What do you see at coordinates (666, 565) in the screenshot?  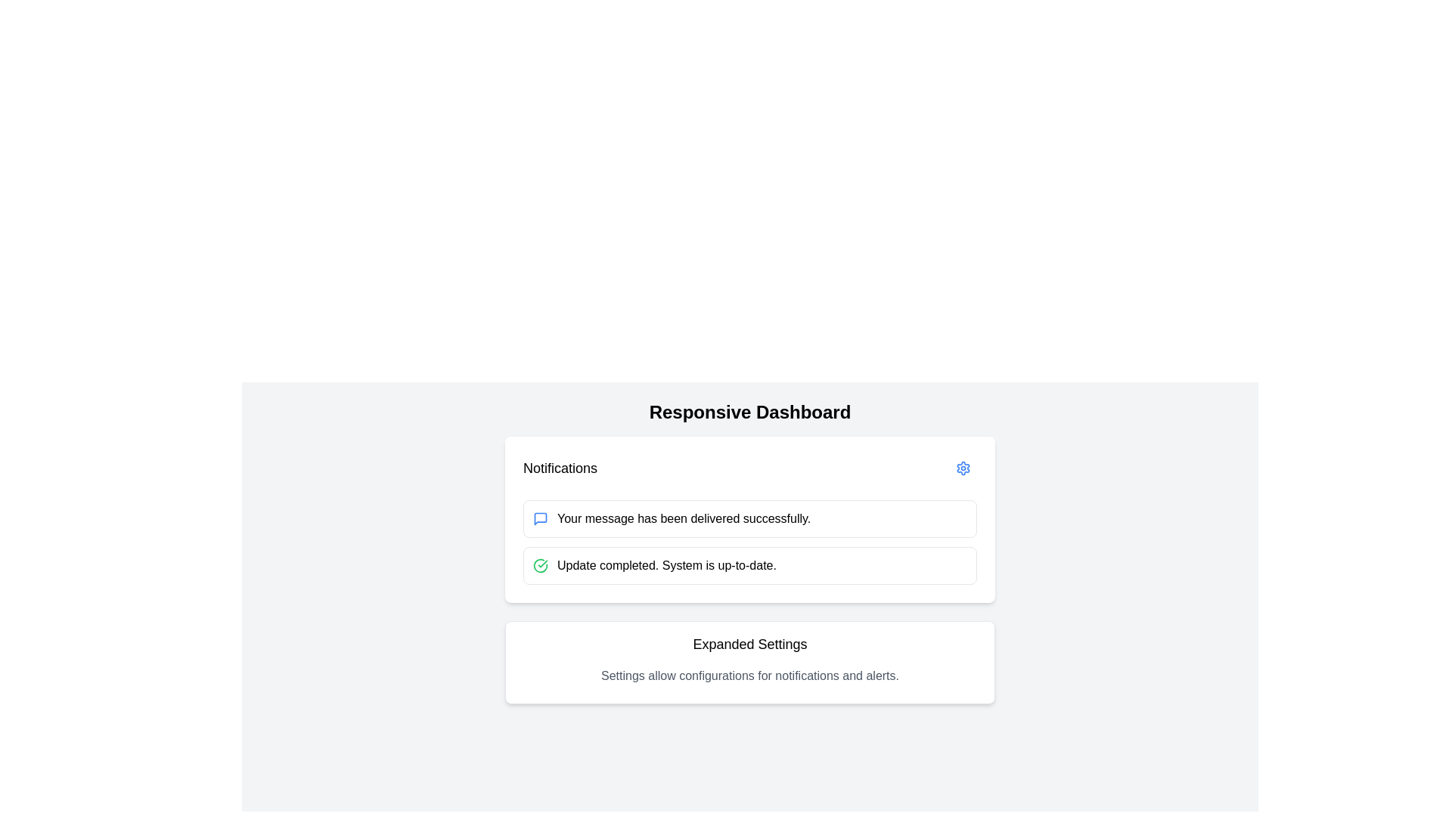 I see `the notification text label that informs the user of a successful system update, which is located beneath the first notification text and to the right of a green checkmark icon` at bounding box center [666, 565].